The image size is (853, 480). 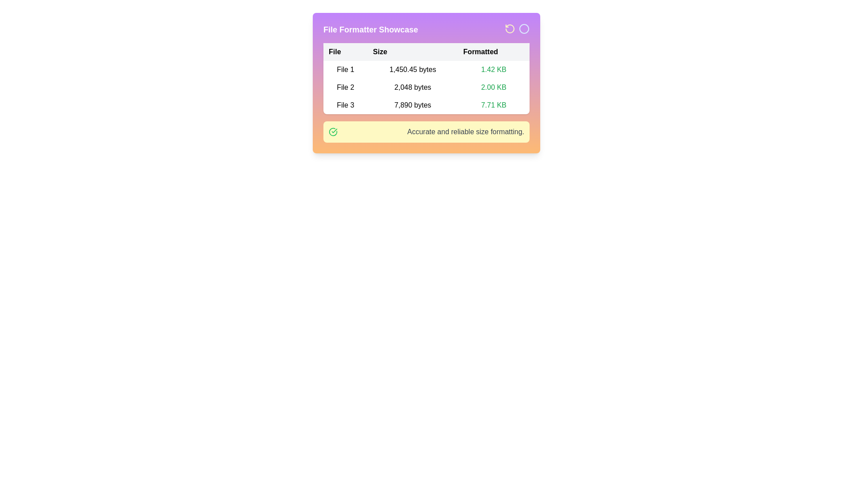 What do you see at coordinates (517, 29) in the screenshot?
I see `the left icon of the interactive icon buttons group located in the top-right corner of the 'File Formatter Showcase' header` at bounding box center [517, 29].